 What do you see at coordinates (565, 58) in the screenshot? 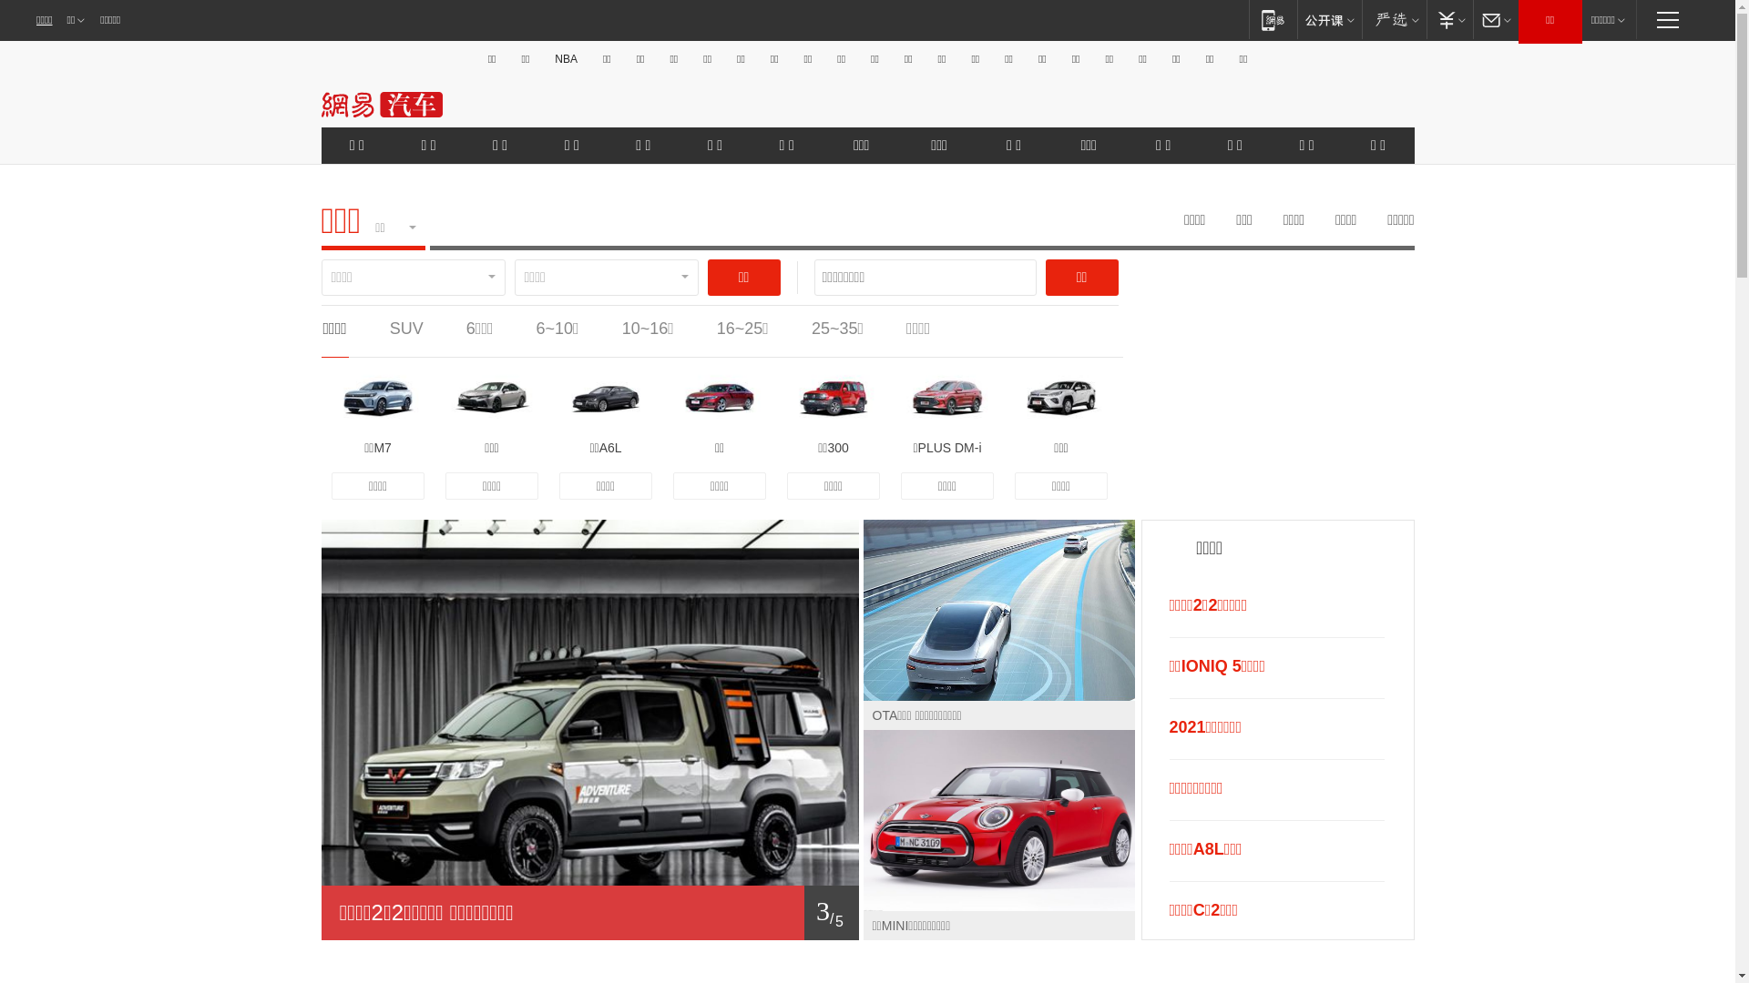
I see `'NBA'` at bounding box center [565, 58].